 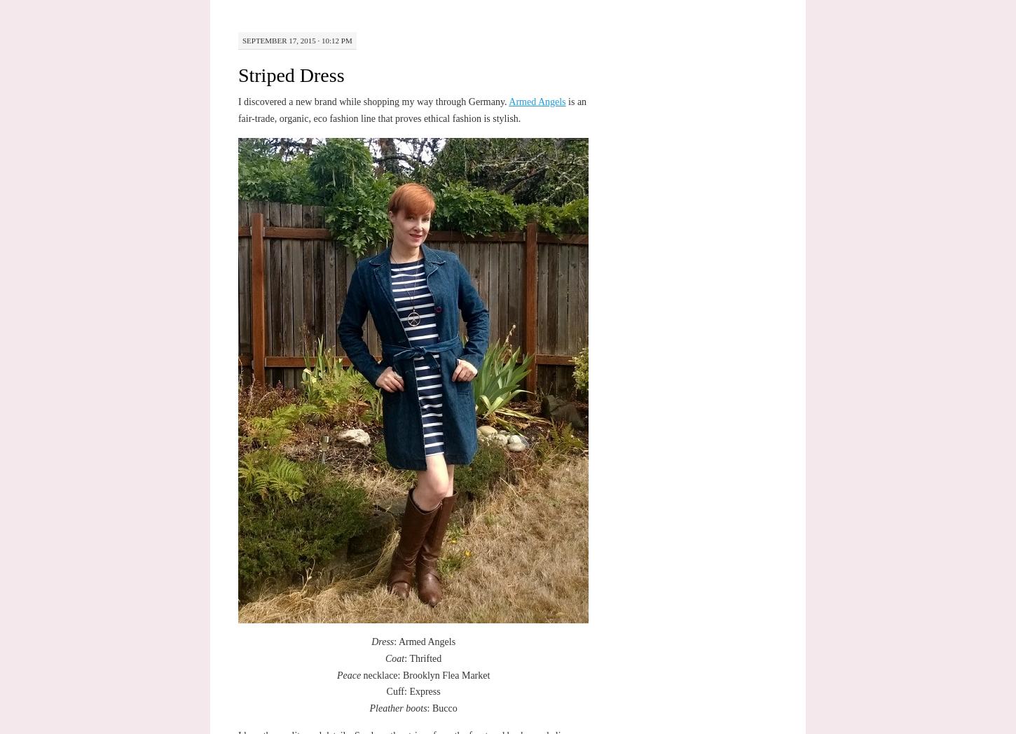 I want to click on 'Cuff: Express', so click(x=413, y=691).